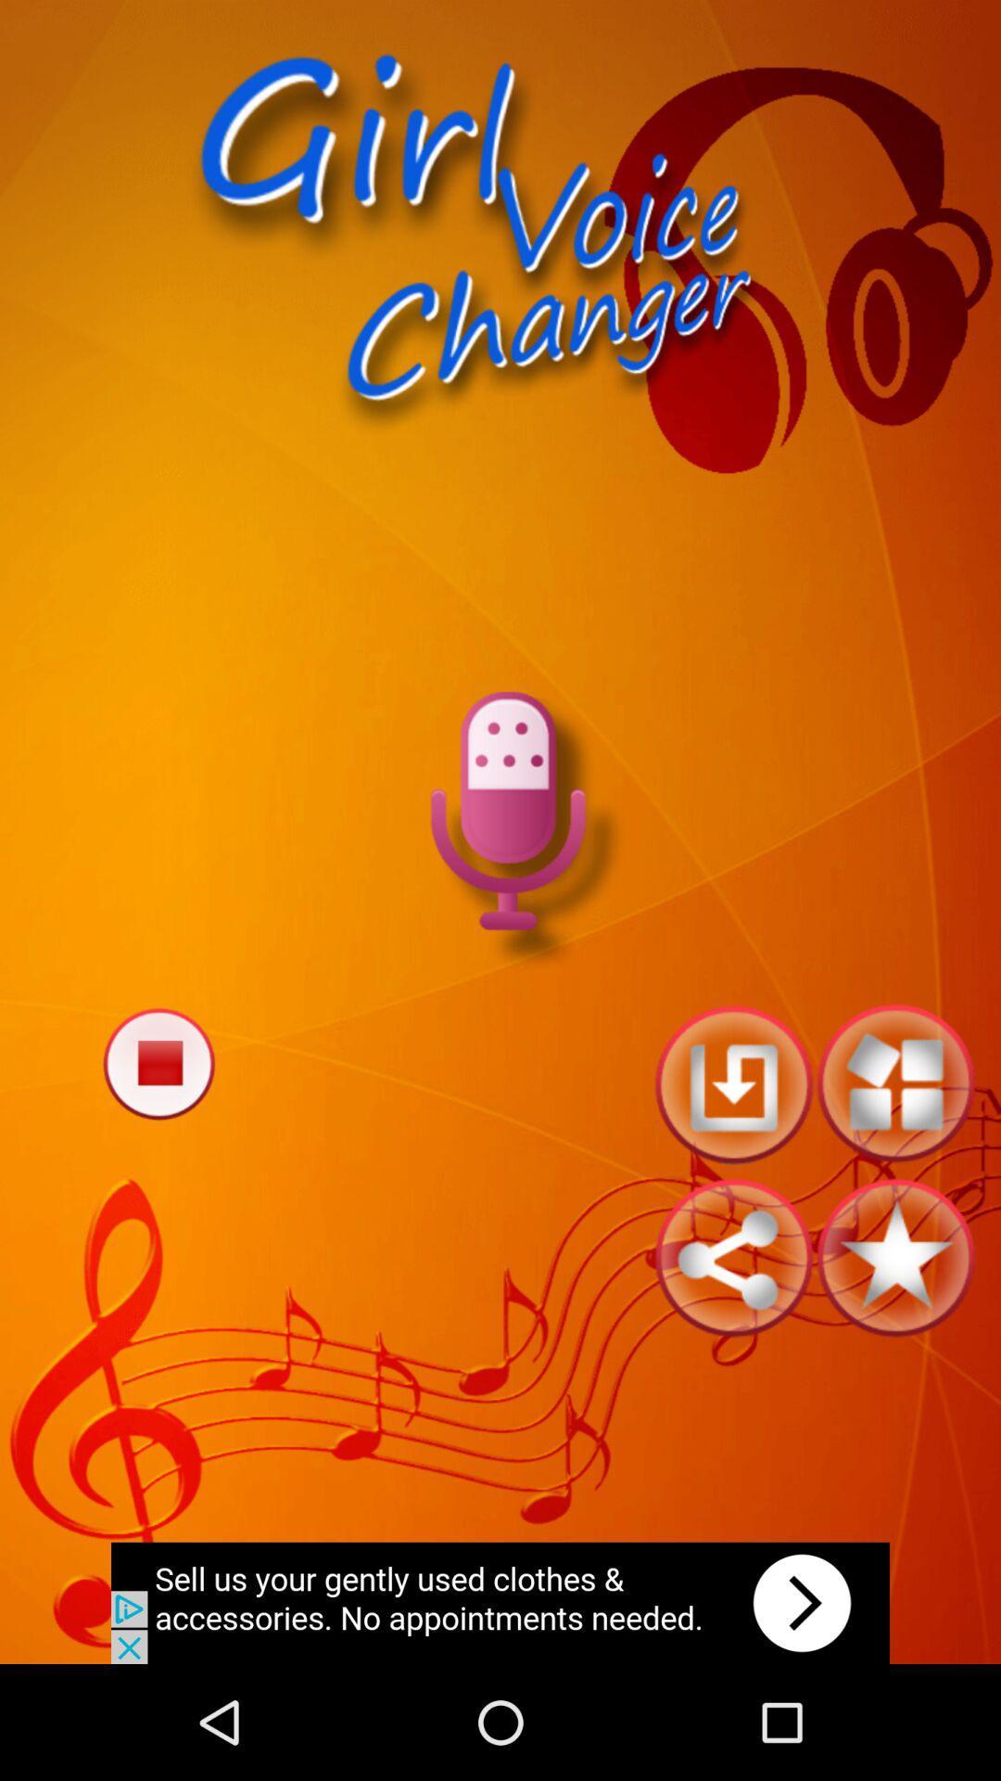 The width and height of the screenshot is (1001, 1781). What do you see at coordinates (500, 1602) in the screenshot?
I see `open the advertisement link` at bounding box center [500, 1602].